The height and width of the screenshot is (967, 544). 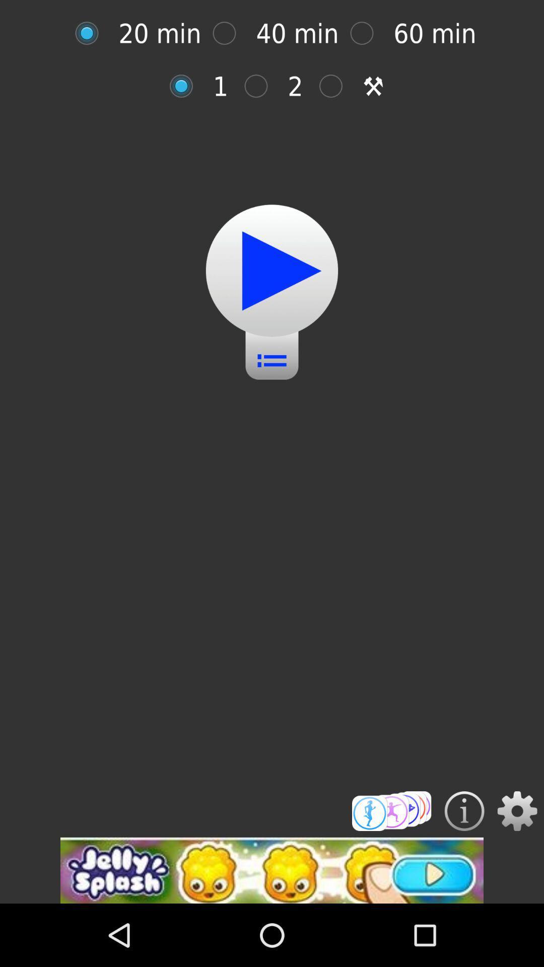 What do you see at coordinates (336, 86) in the screenshot?
I see `this option` at bounding box center [336, 86].